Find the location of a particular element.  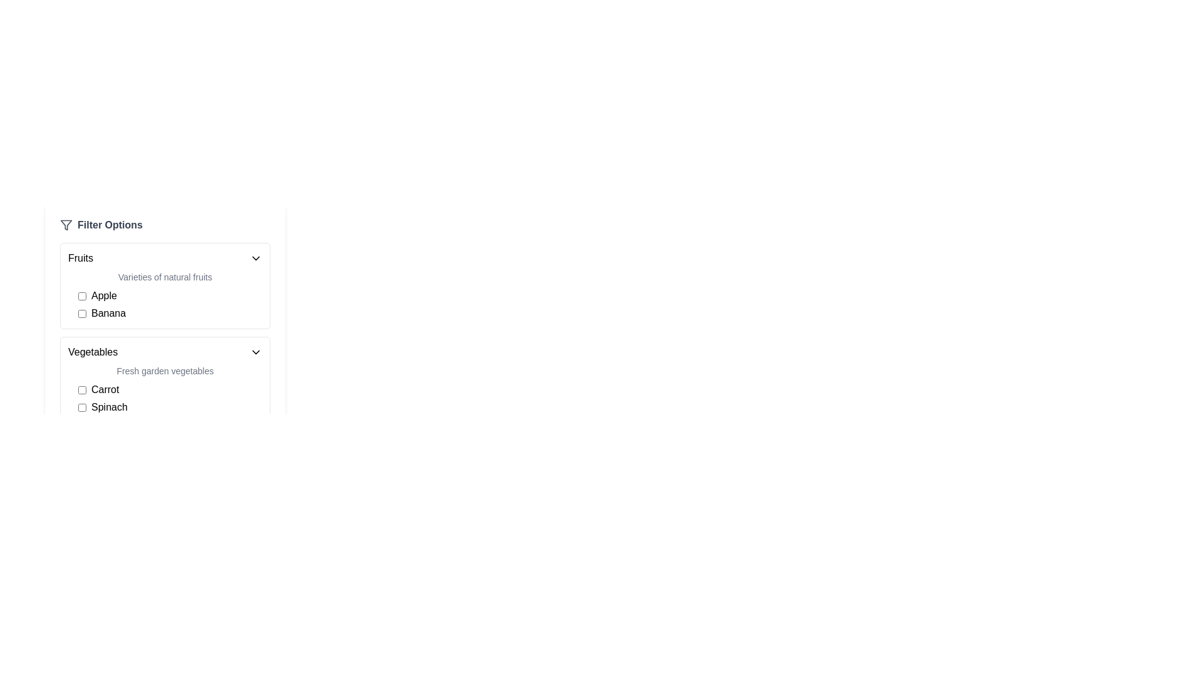

the label for the checkbox located in the 'Fruits' section, which is positioned beside the multi-state checkbox and is the first item listed above 'Banana.' is located at coordinates (104, 296).